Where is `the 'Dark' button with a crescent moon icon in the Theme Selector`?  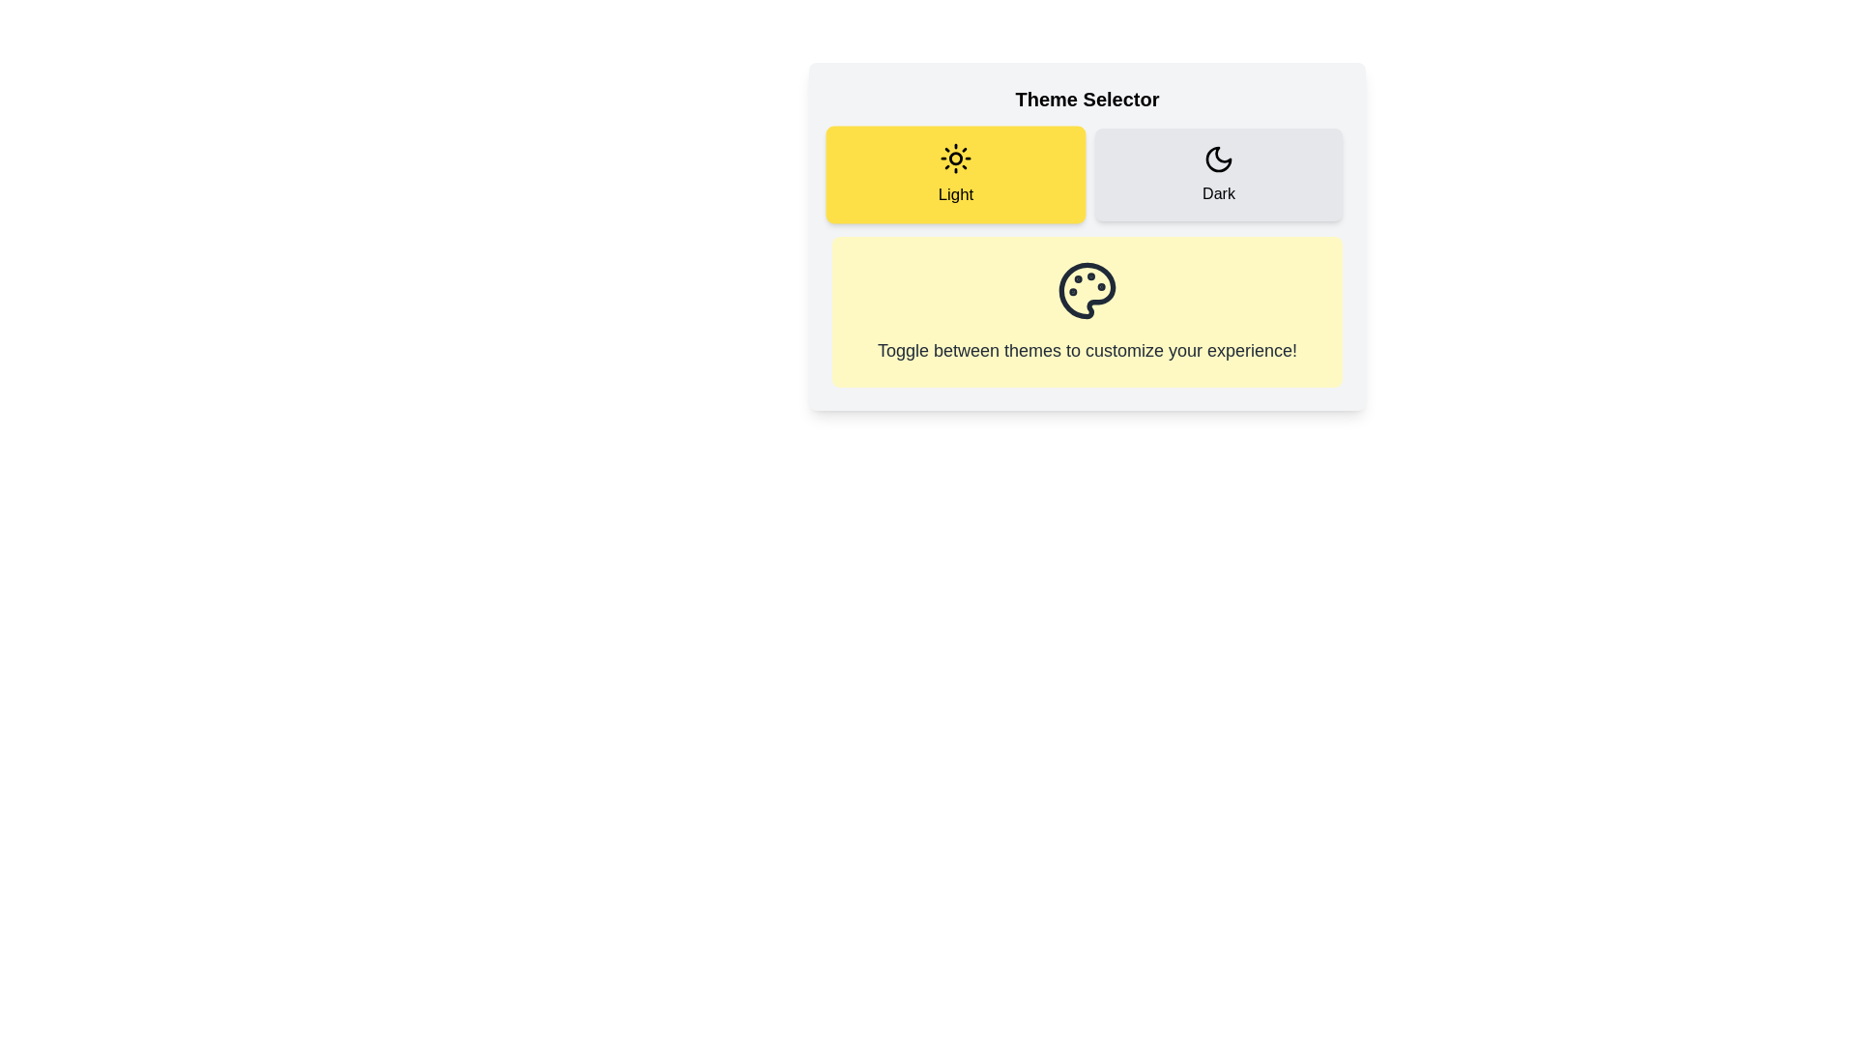
the 'Dark' button with a crescent moon icon in the Theme Selector is located at coordinates (1218, 175).